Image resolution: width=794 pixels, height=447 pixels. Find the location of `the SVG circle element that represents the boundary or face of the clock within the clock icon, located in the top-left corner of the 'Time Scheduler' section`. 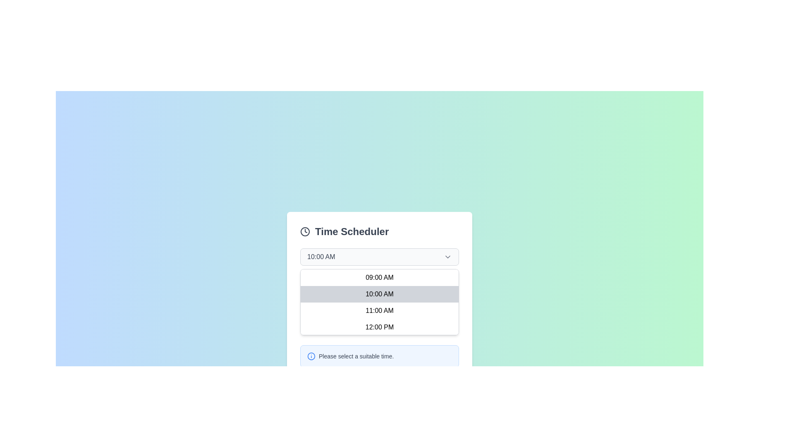

the SVG circle element that represents the boundary or face of the clock within the clock icon, located in the top-left corner of the 'Time Scheduler' section is located at coordinates (305, 231).